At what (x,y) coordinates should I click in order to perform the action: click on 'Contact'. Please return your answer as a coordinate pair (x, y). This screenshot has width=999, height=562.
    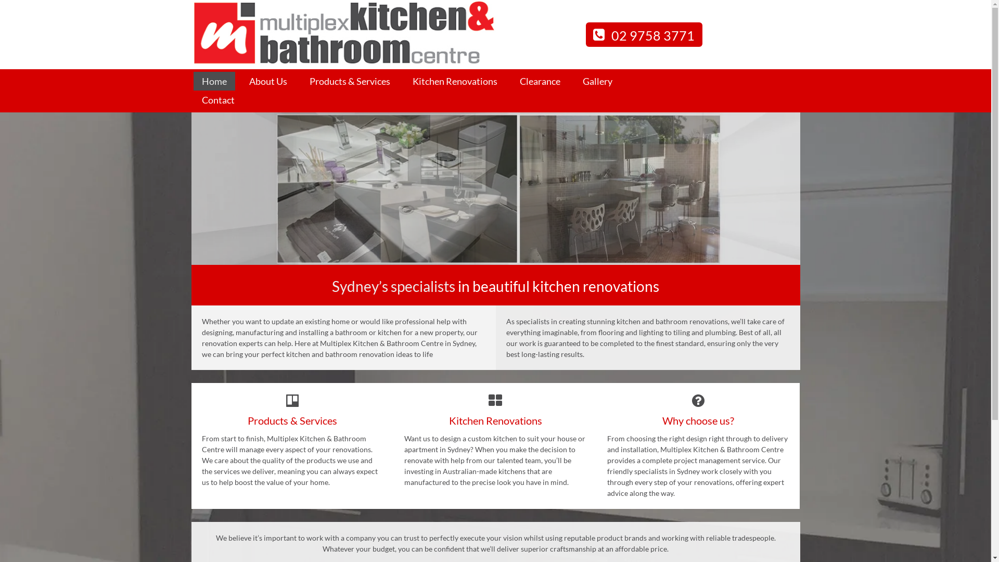
    Looking at the image, I should click on (217, 100).